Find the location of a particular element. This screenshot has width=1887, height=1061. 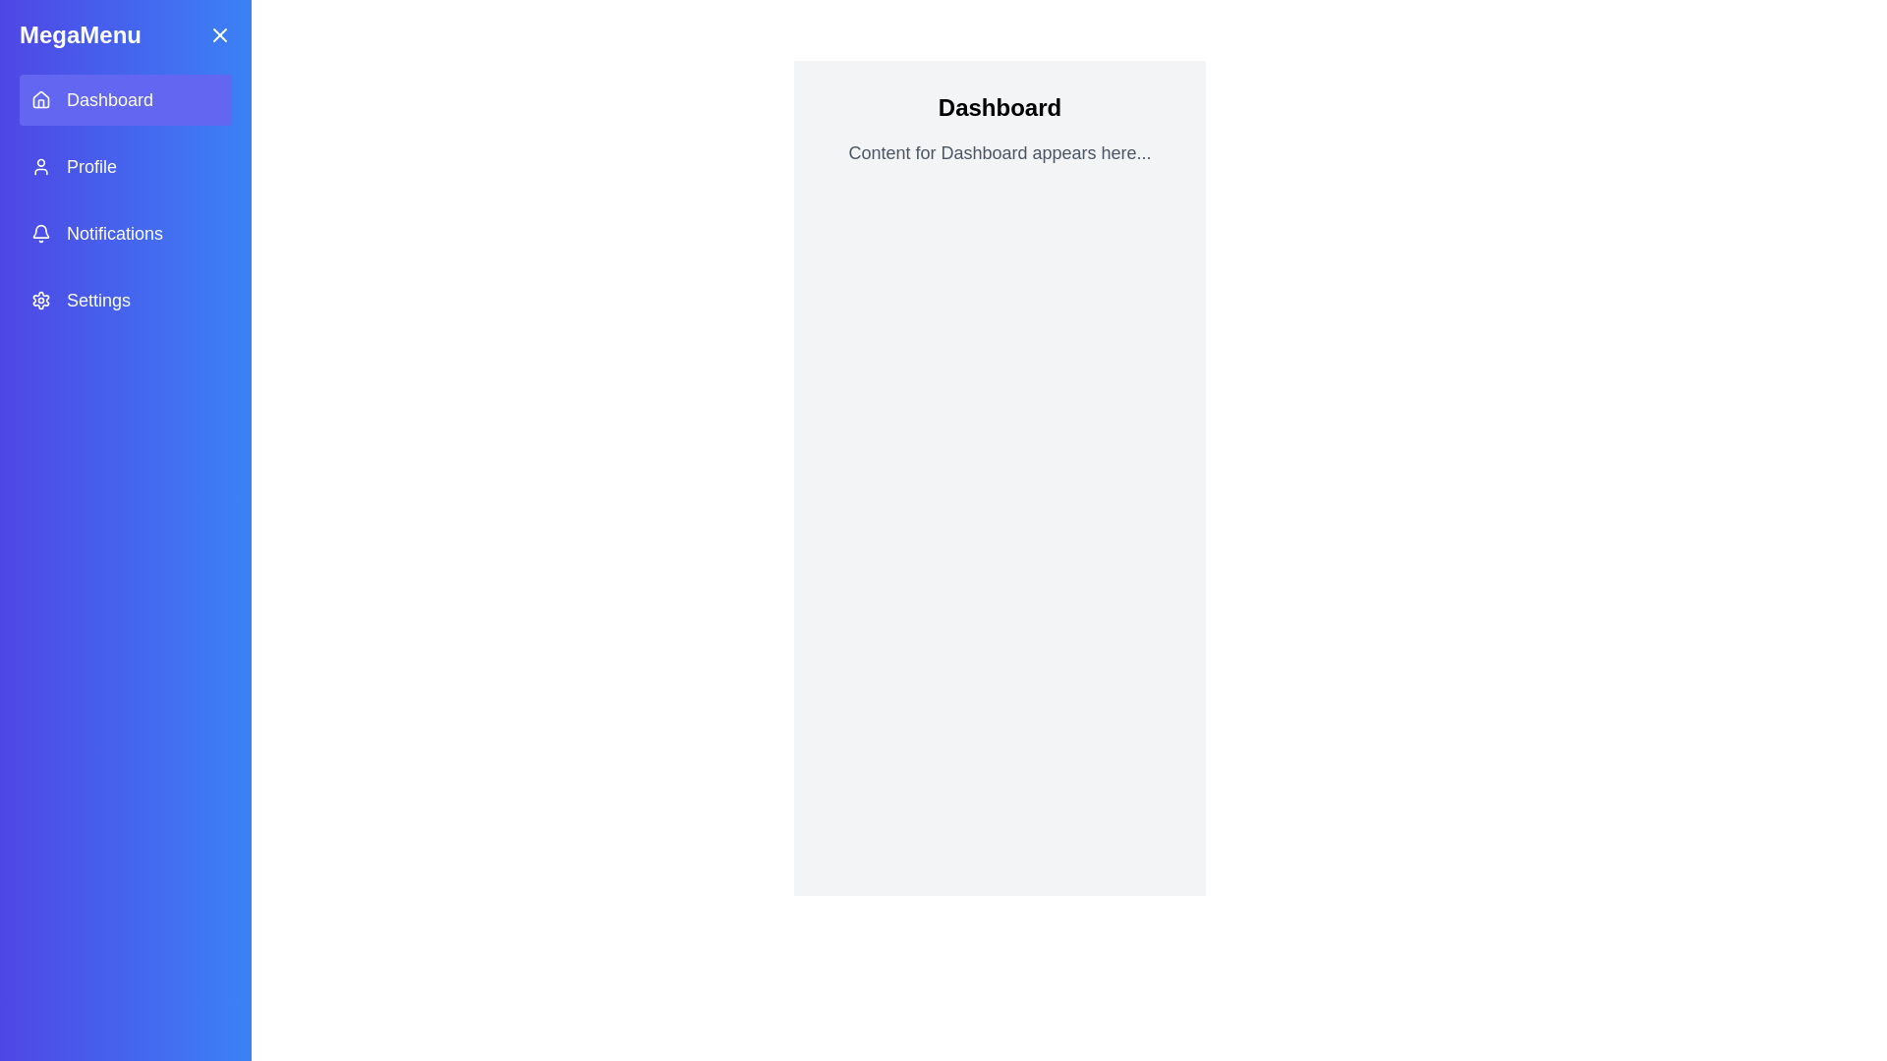

the 'MegaMenu' title bar, which features a bold font and a close button 'X' on the right, to possibly reveal more interactions is located at coordinates (125, 34).